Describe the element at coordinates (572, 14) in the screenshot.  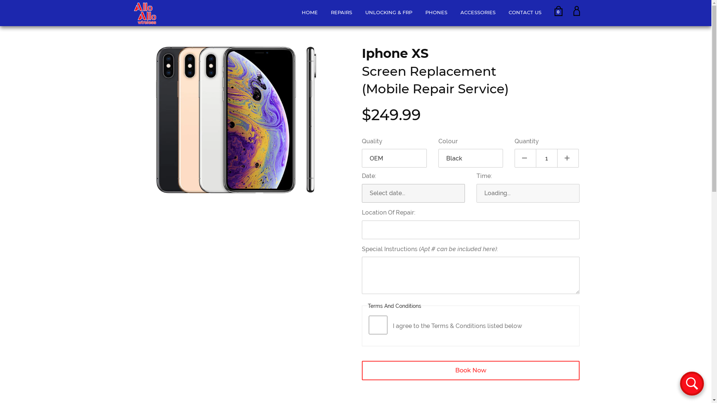
I see `'My Account'` at that location.